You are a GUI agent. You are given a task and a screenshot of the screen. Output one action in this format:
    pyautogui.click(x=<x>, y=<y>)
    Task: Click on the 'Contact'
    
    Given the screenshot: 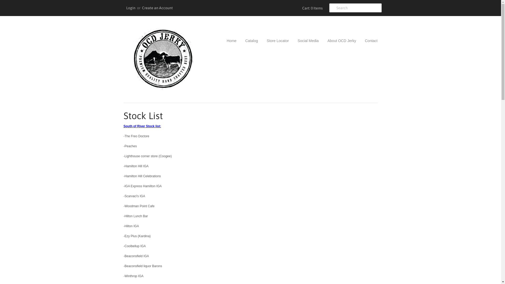 What is the action you would take?
    pyautogui.click(x=357, y=40)
    